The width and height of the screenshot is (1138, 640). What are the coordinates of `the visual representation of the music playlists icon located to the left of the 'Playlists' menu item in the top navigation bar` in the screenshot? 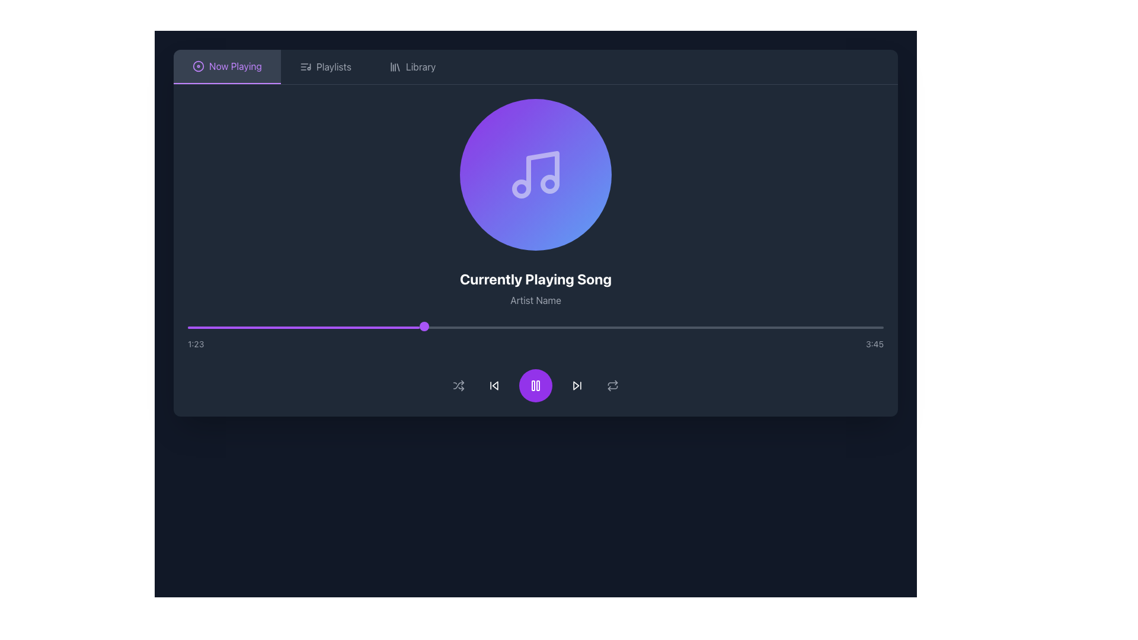 It's located at (305, 66).